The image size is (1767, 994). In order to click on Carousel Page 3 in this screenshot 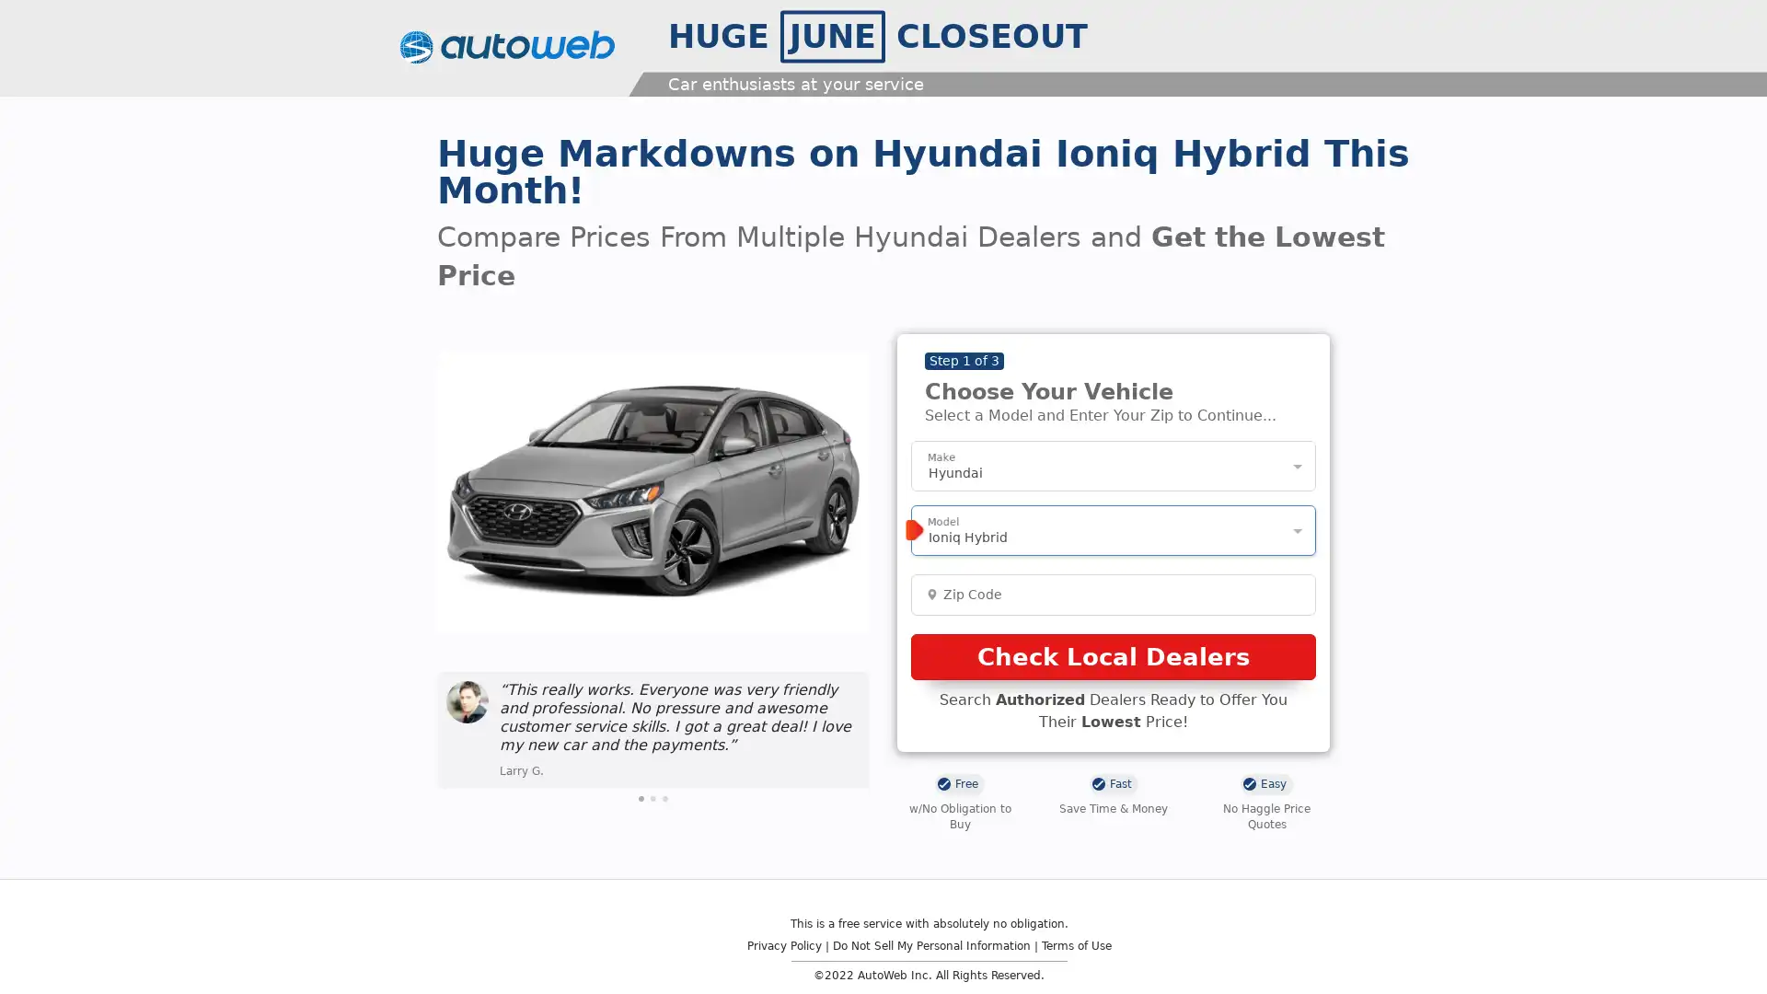, I will do `click(664, 797)`.